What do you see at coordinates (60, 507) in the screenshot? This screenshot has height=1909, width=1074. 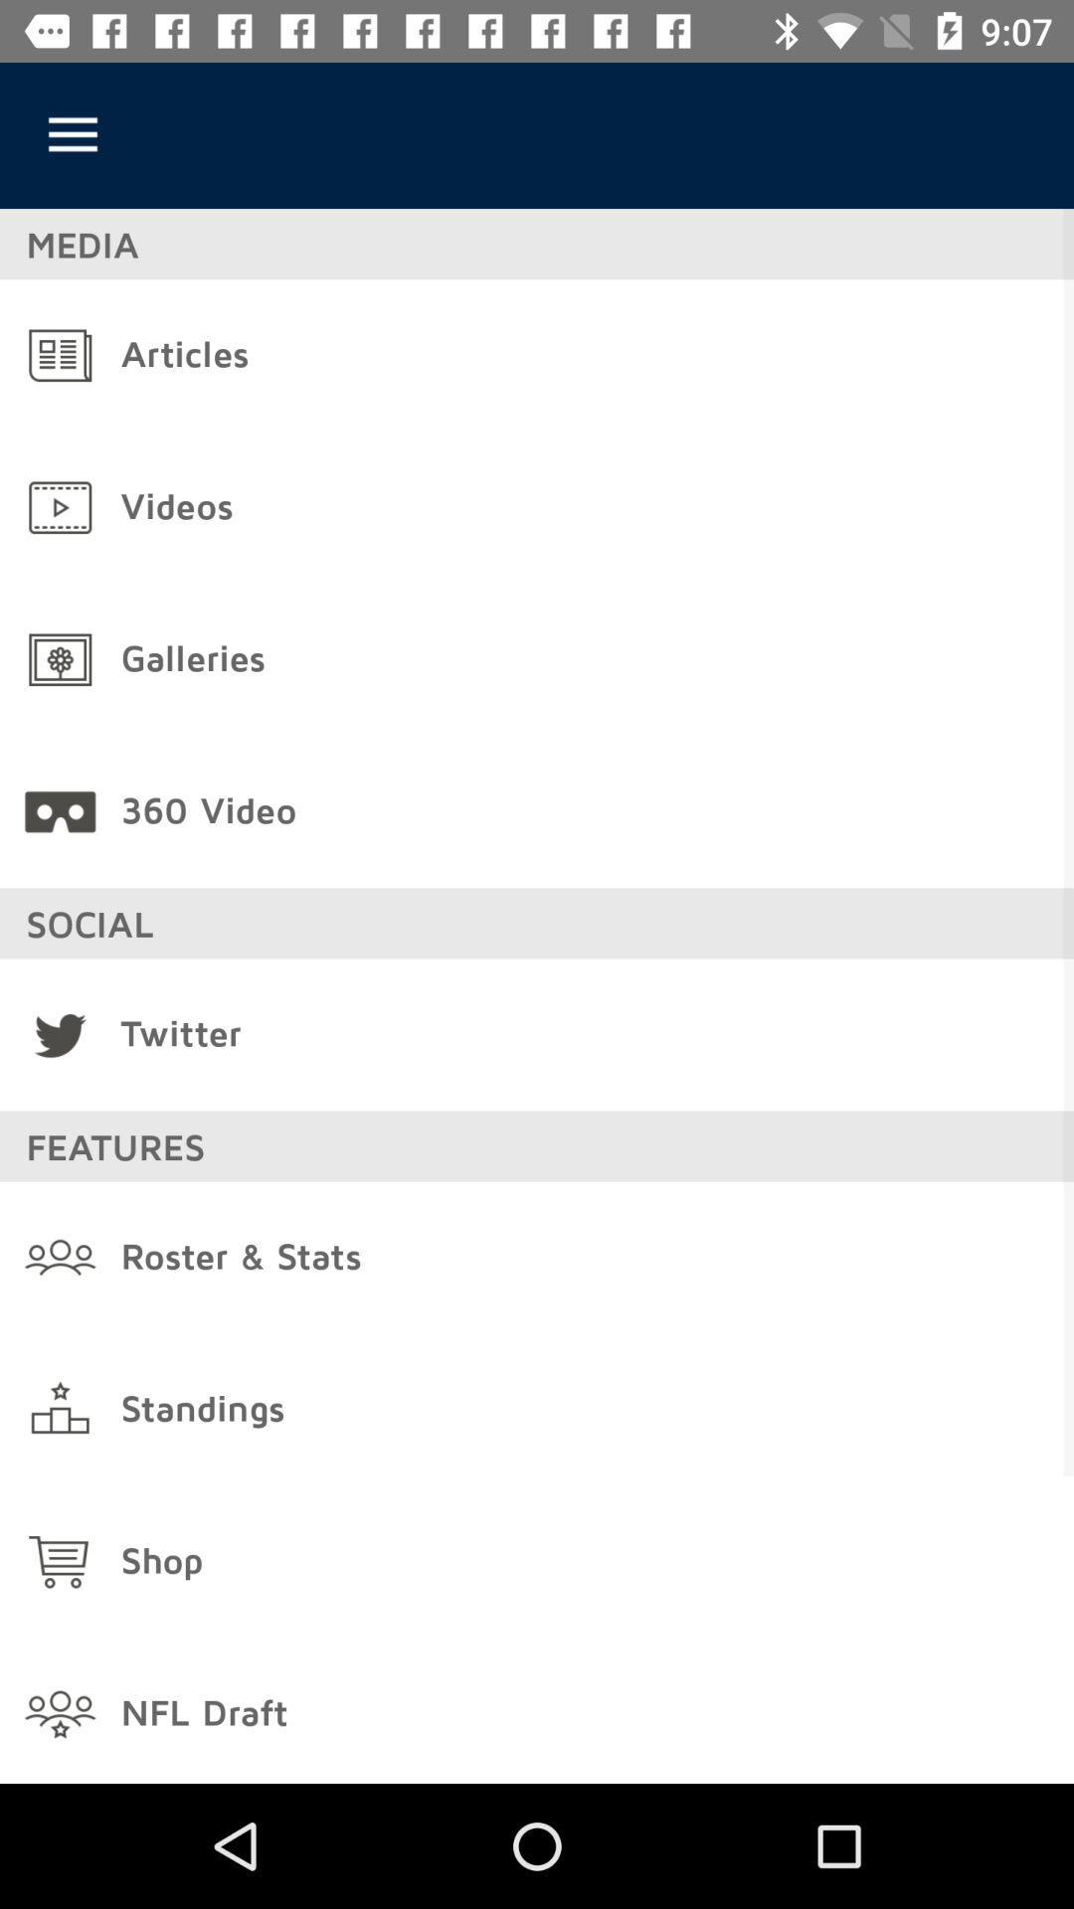 I see `the second icon under media` at bounding box center [60, 507].